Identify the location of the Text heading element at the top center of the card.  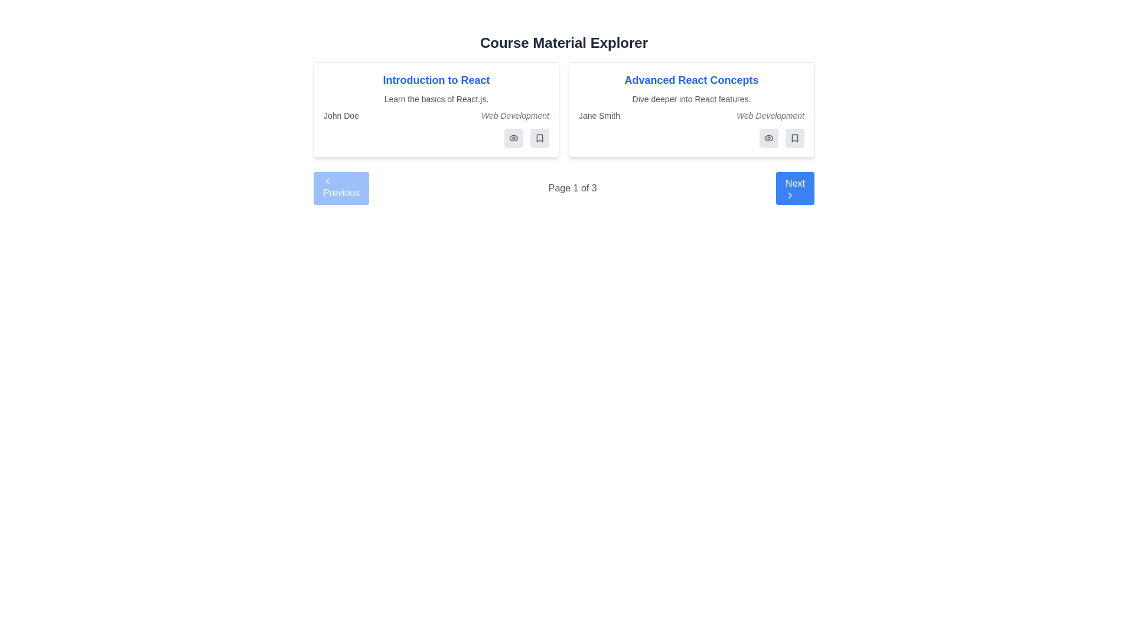
(436, 80).